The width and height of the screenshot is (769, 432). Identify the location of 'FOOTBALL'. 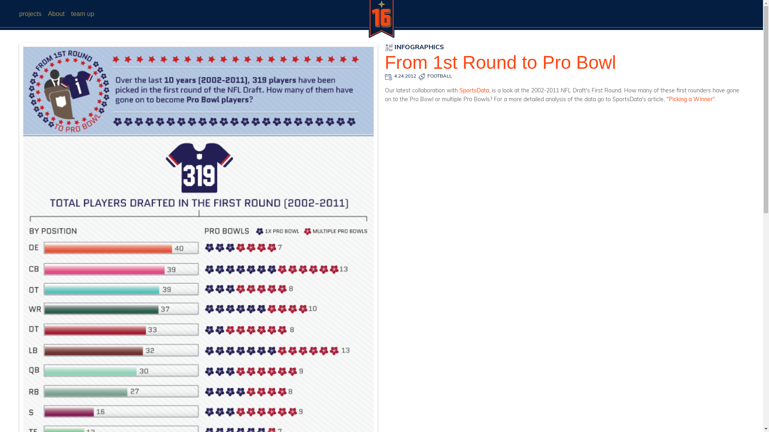
(439, 76).